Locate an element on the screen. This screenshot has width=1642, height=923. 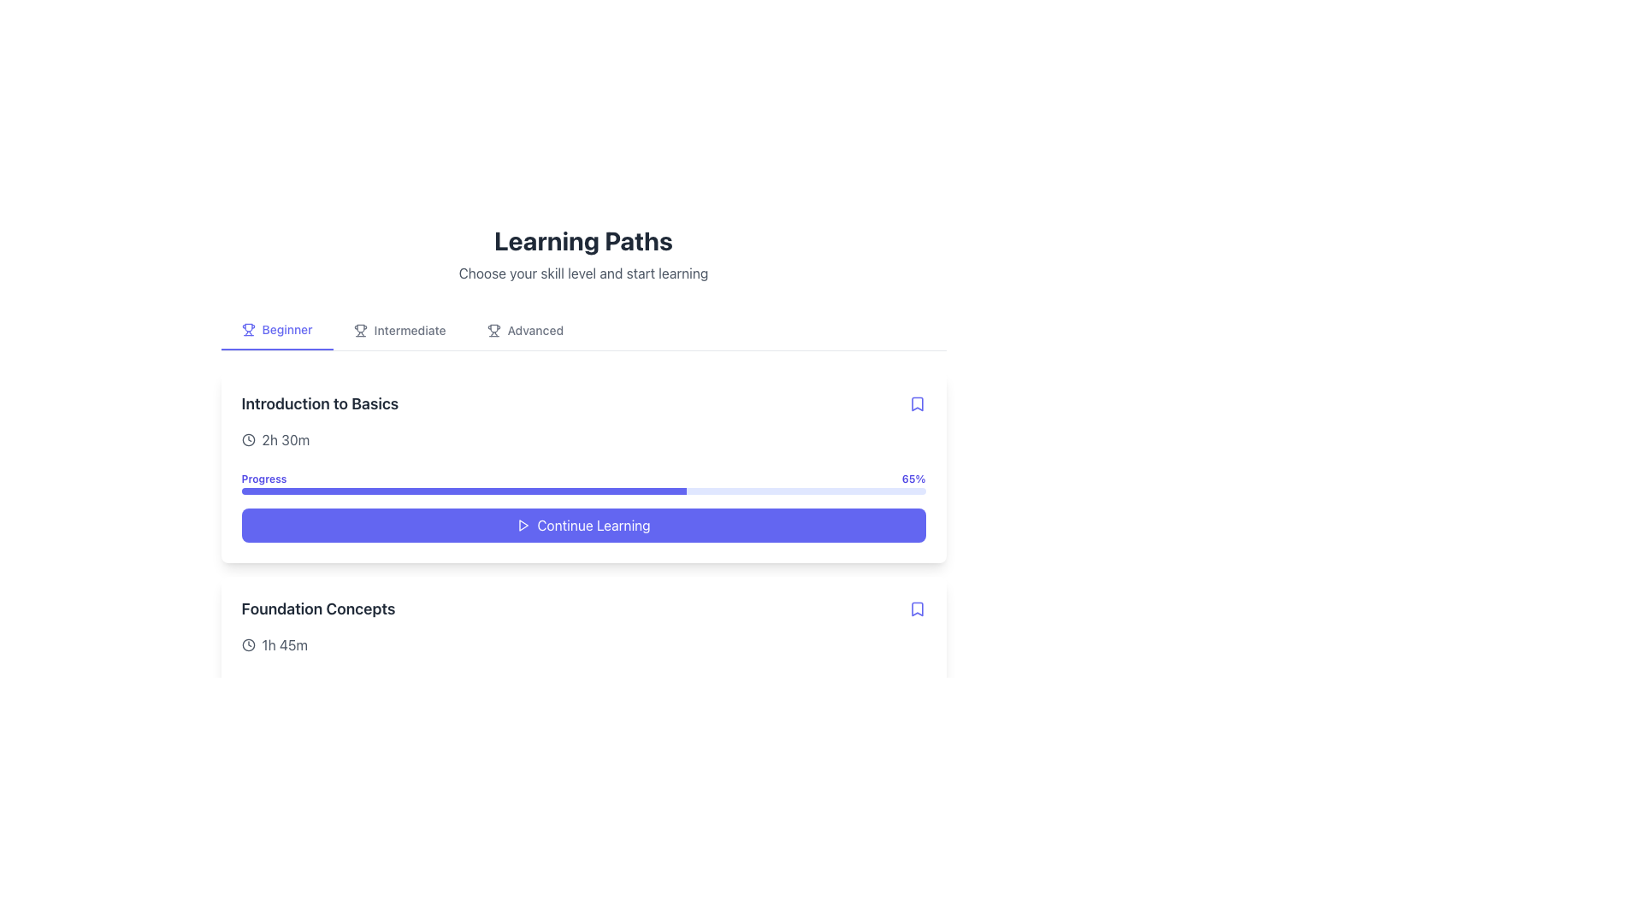
the details of the clock icon located to the left of the '1h 45m' text under the 'Foundation Concepts' section of the 'Introduction to Basics' is located at coordinates (247, 645).